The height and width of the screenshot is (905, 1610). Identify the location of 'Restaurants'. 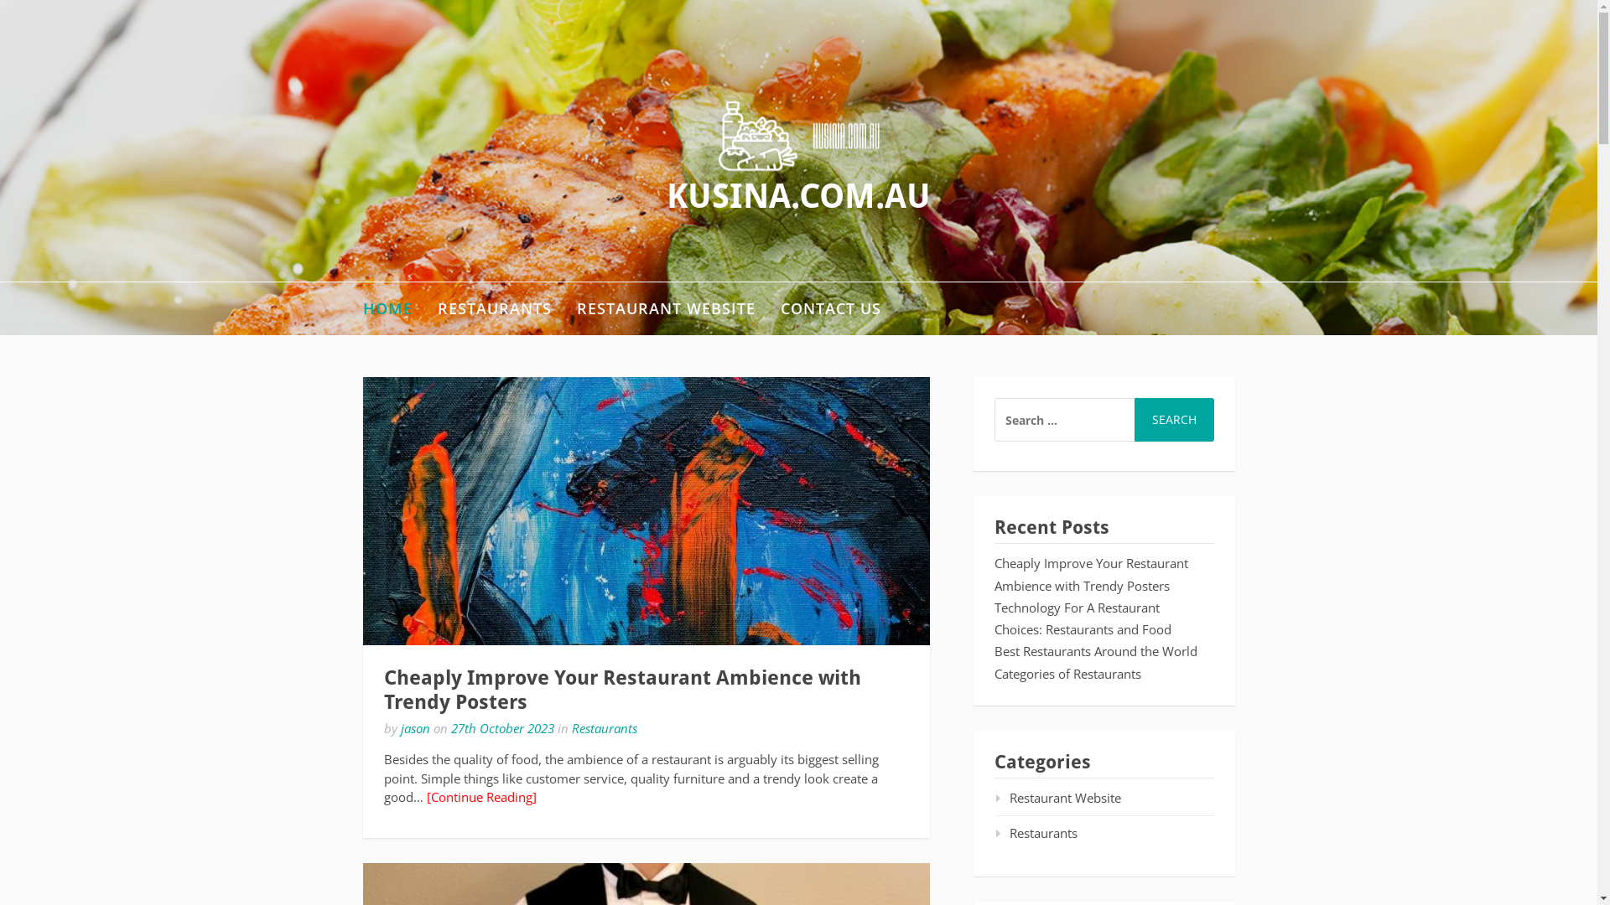
(604, 727).